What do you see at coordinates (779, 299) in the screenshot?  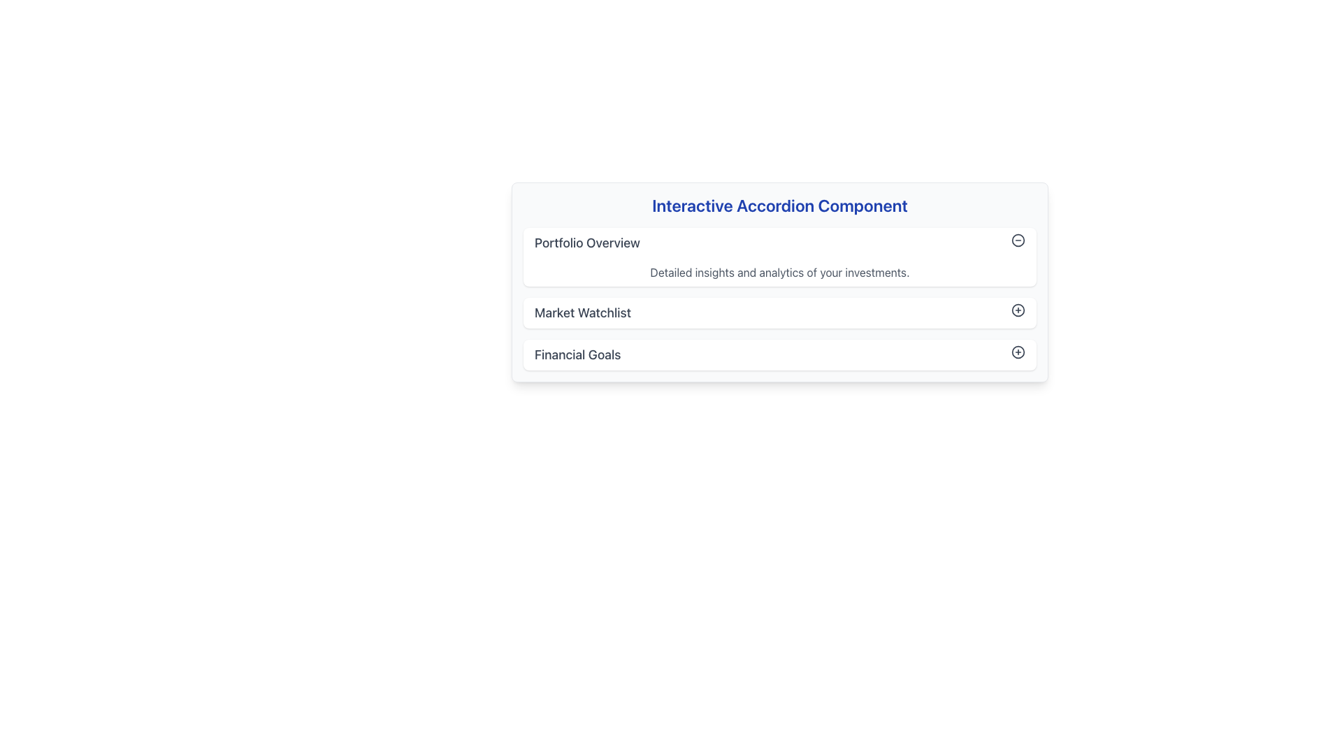 I see `the 'Market Watchlist' panel of the accordion UI element` at bounding box center [779, 299].